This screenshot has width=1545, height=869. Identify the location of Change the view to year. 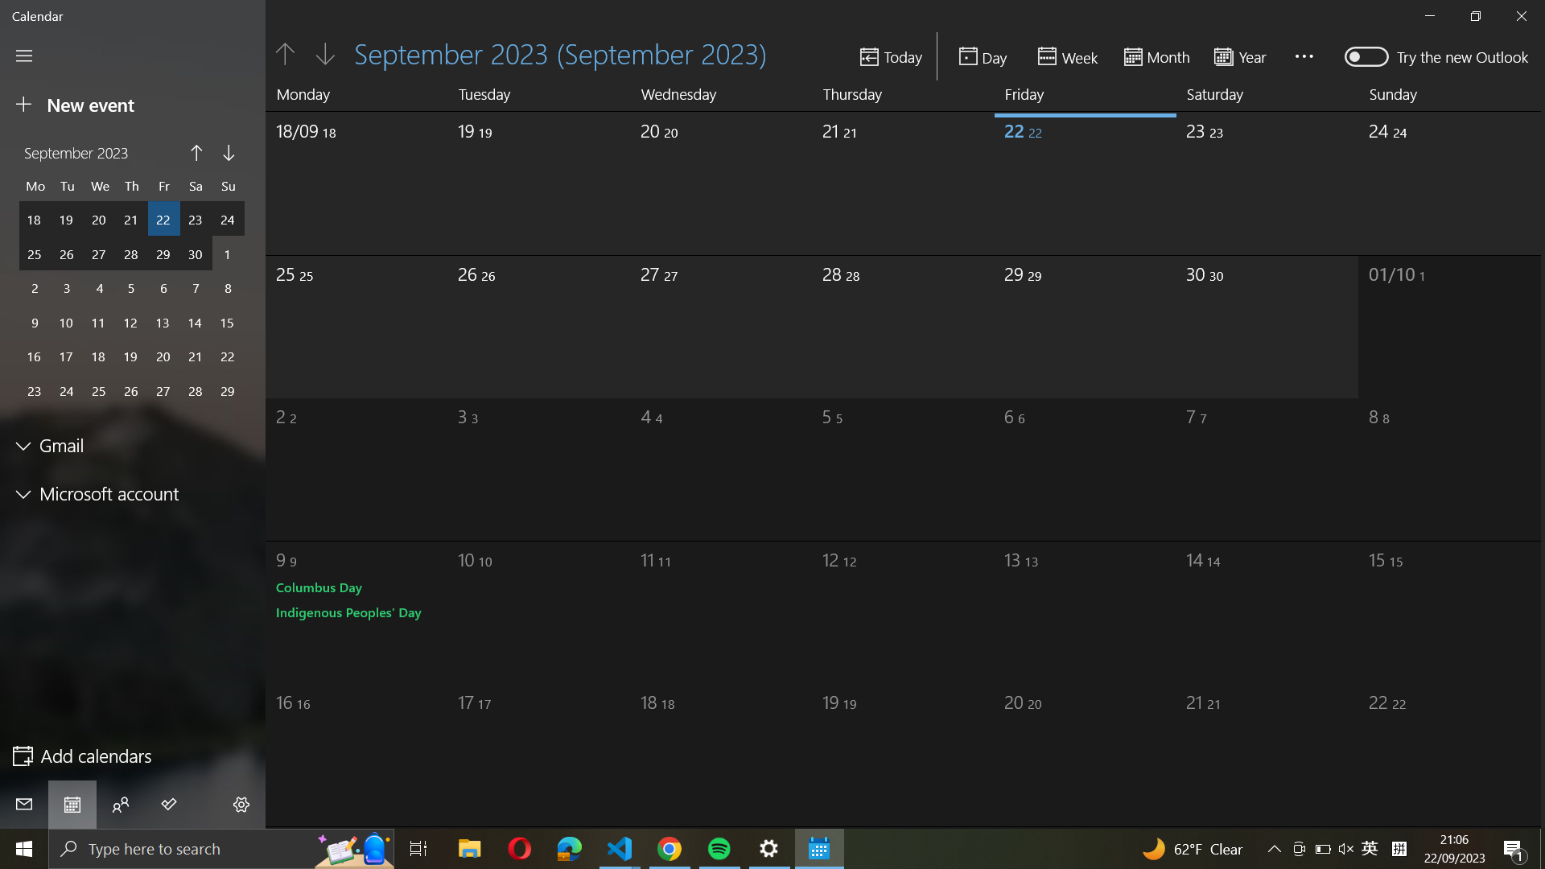
(1245, 55).